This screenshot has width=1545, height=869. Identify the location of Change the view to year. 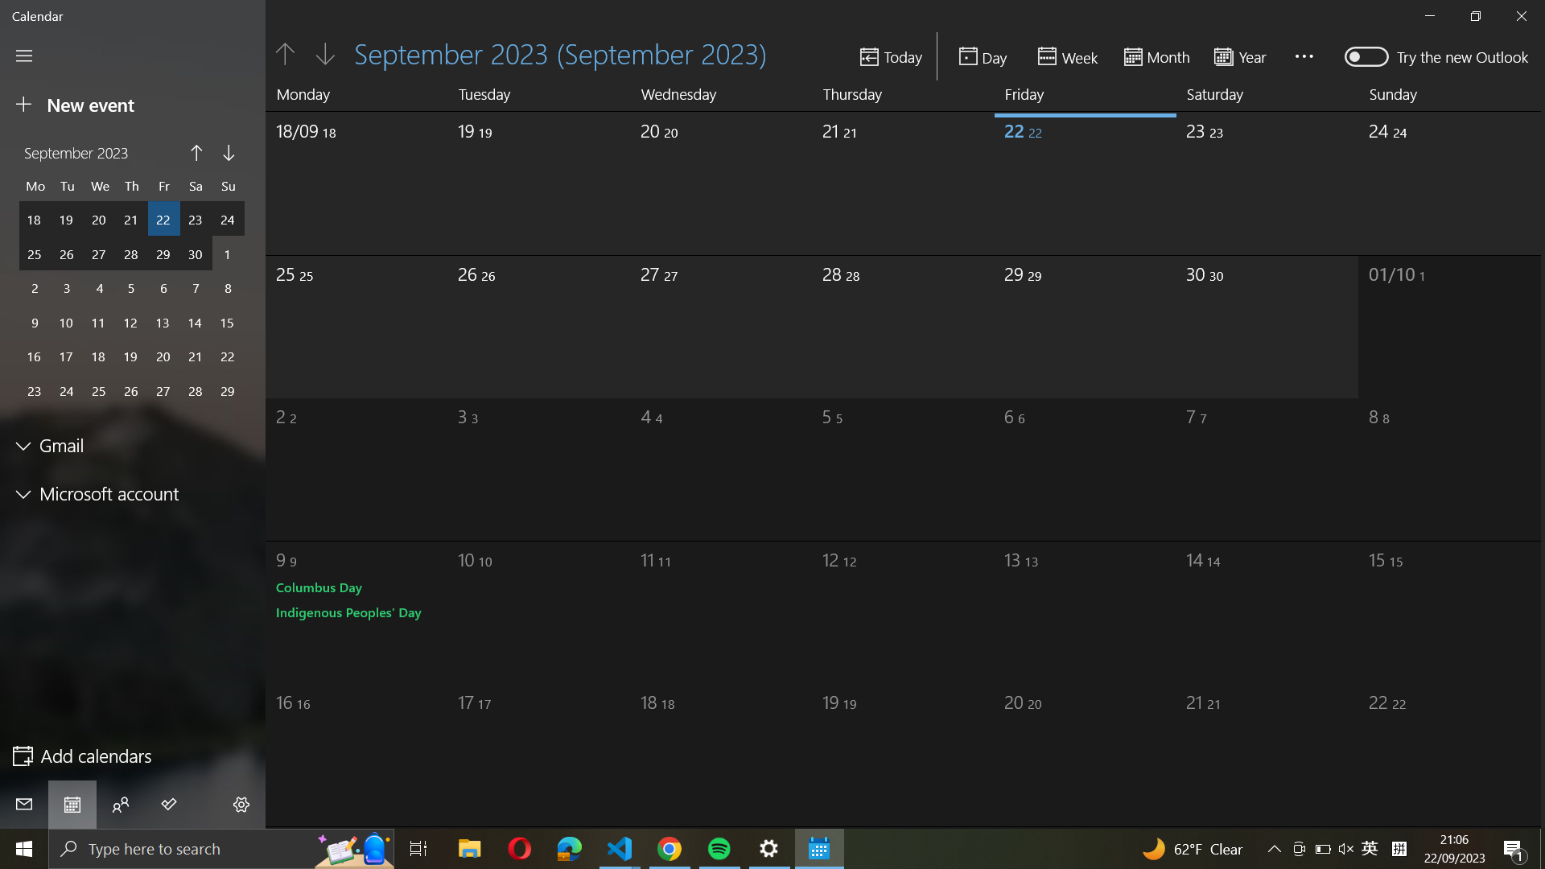
(1245, 55).